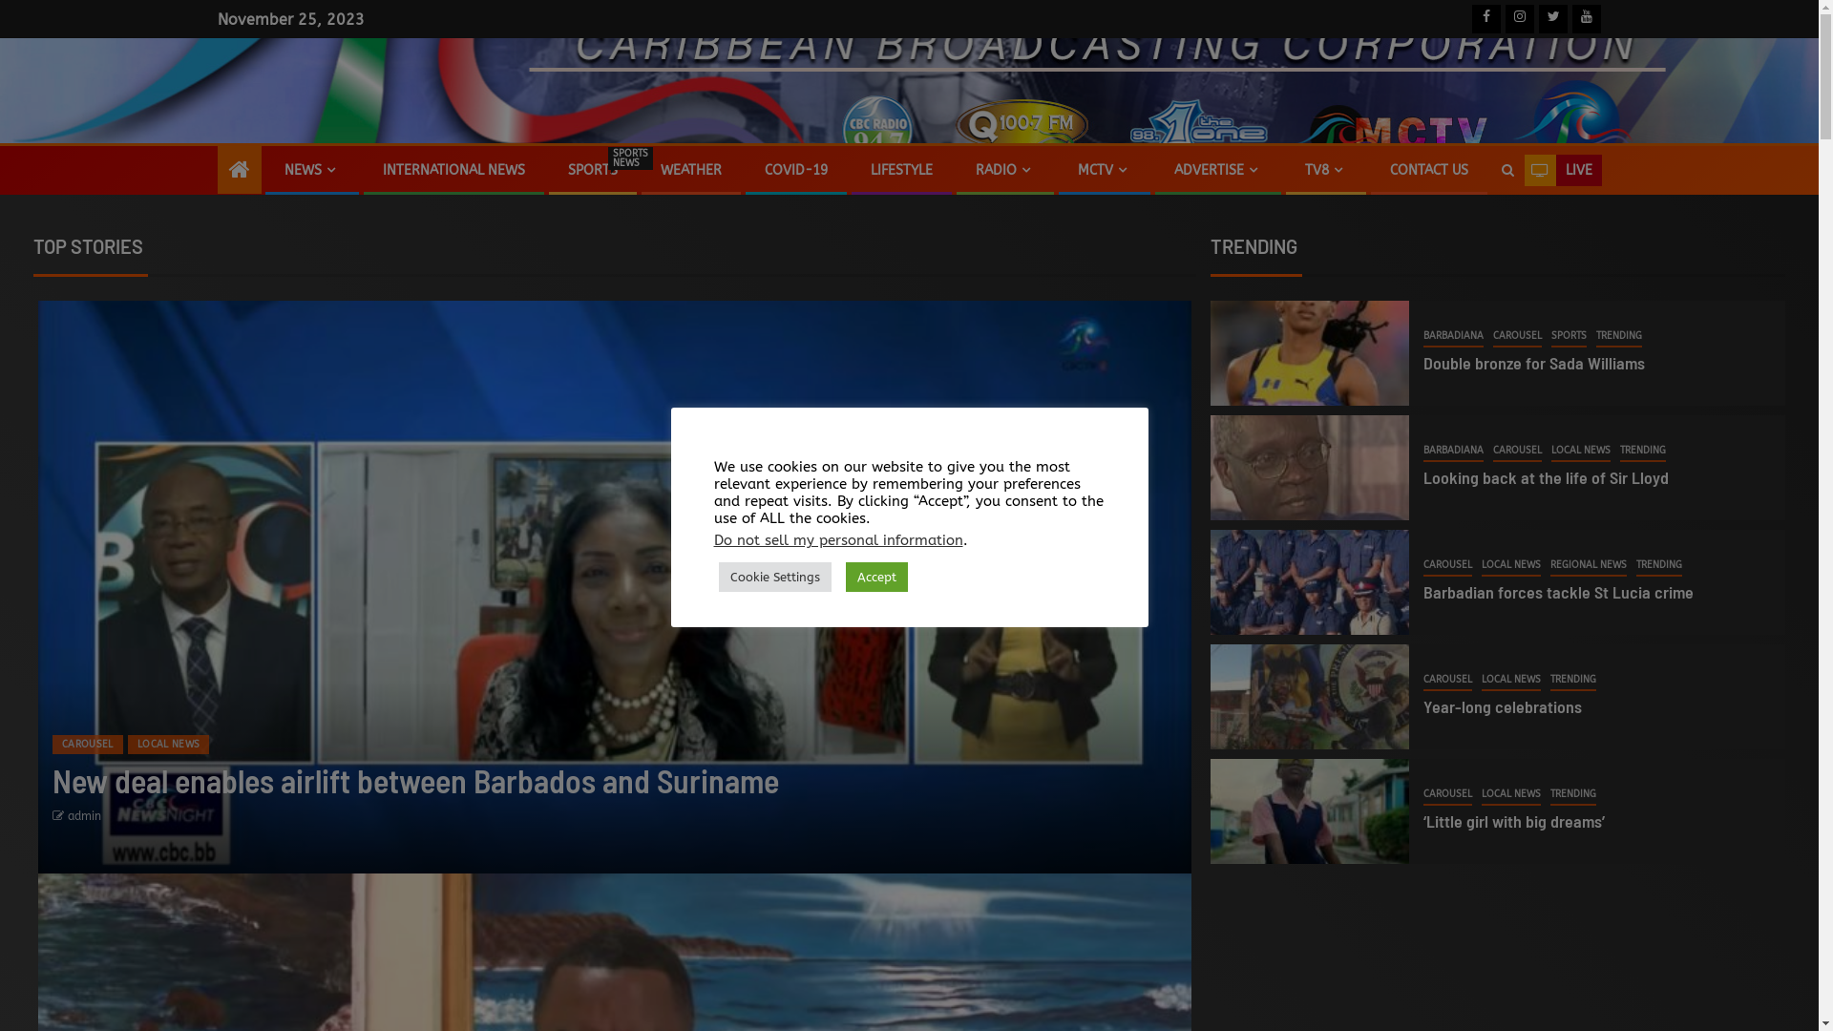  What do you see at coordinates (1217, 169) in the screenshot?
I see `'ADVERTISE'` at bounding box center [1217, 169].